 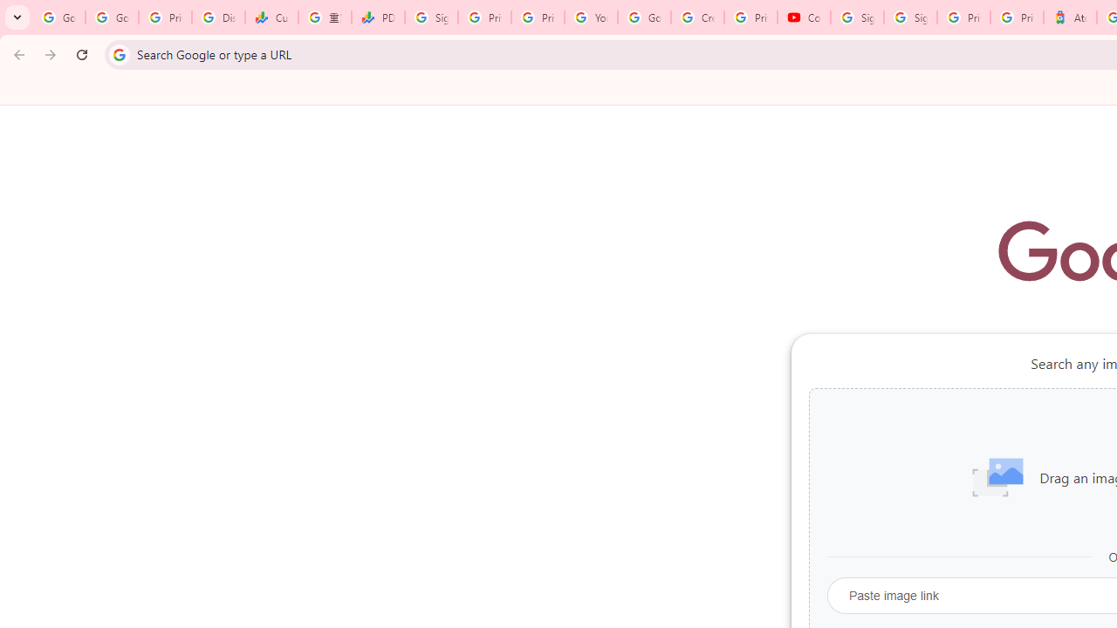 What do you see at coordinates (643, 17) in the screenshot?
I see `'Google Account Help'` at bounding box center [643, 17].